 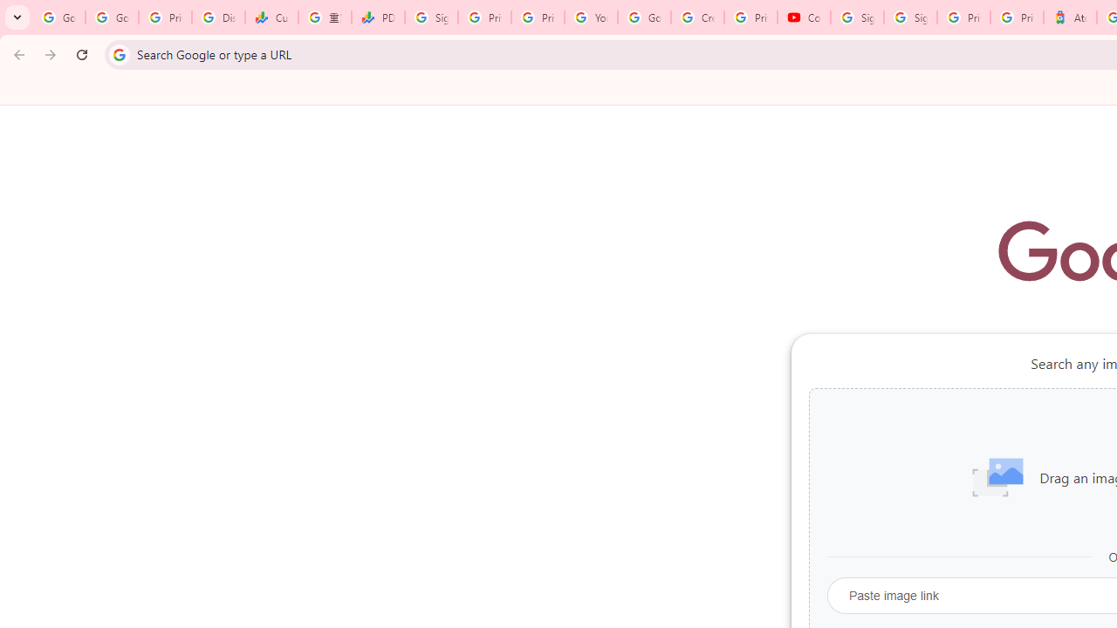 What do you see at coordinates (643, 17) in the screenshot?
I see `'Google Account Help'` at bounding box center [643, 17].